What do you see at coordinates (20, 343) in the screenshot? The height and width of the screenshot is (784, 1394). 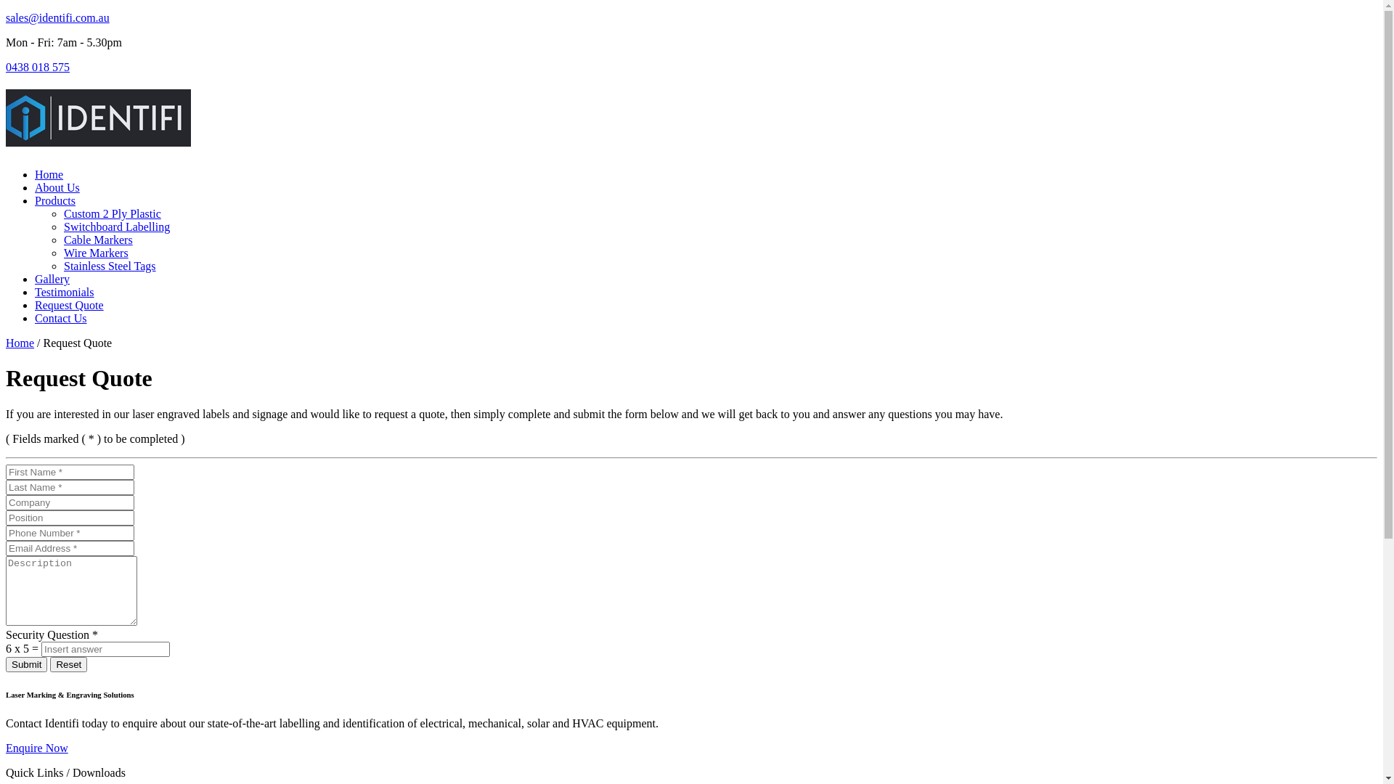 I see `'Home'` at bounding box center [20, 343].